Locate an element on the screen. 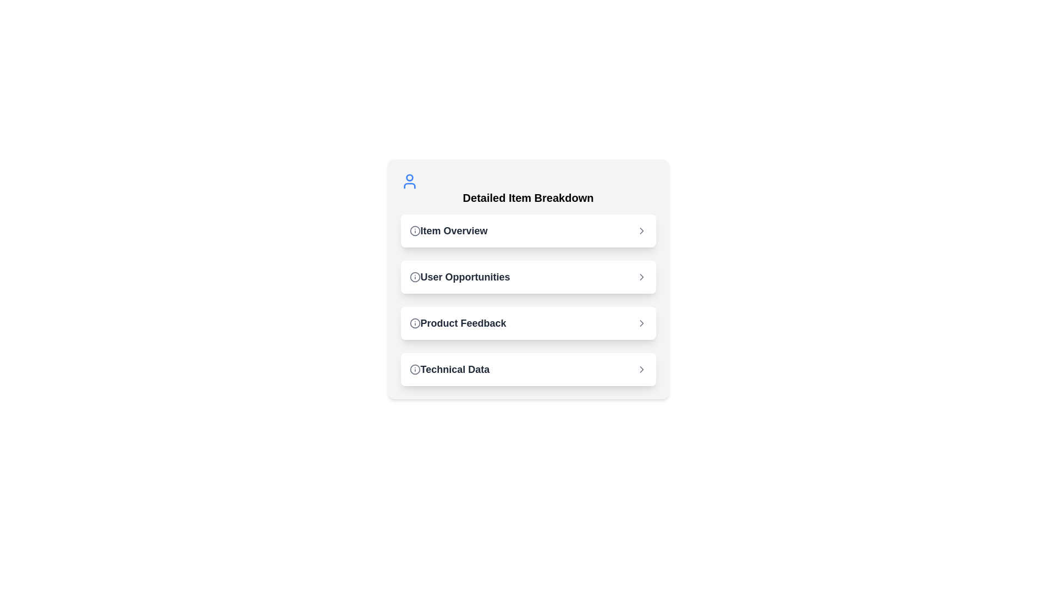 The image size is (1056, 594). the arrow-shaped Navigation Icon located at the end of the 'Product Feedback' row is located at coordinates (641, 322).